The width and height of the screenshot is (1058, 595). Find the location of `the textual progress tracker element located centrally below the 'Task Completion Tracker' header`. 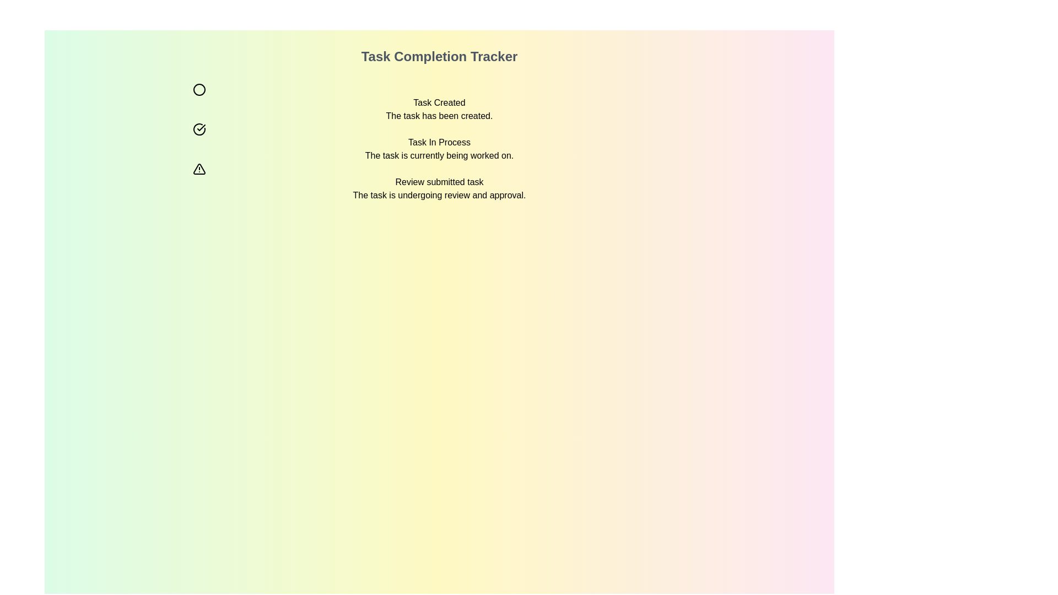

the textual progress tracker element located centrally below the 'Task Completion Tracker' header is located at coordinates (439, 142).